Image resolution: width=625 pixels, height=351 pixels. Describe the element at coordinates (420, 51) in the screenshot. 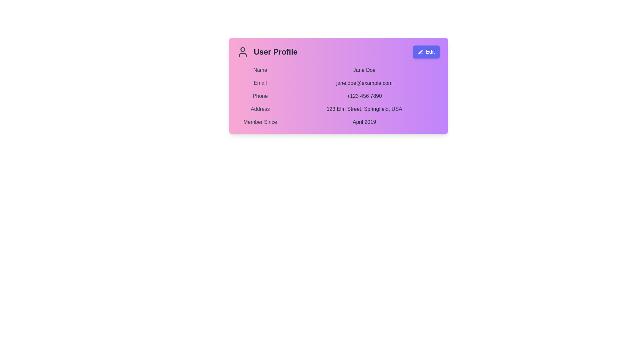

I see `the decorative icon for the 'Edit' button, located at the top-right of the user profile information card` at that location.